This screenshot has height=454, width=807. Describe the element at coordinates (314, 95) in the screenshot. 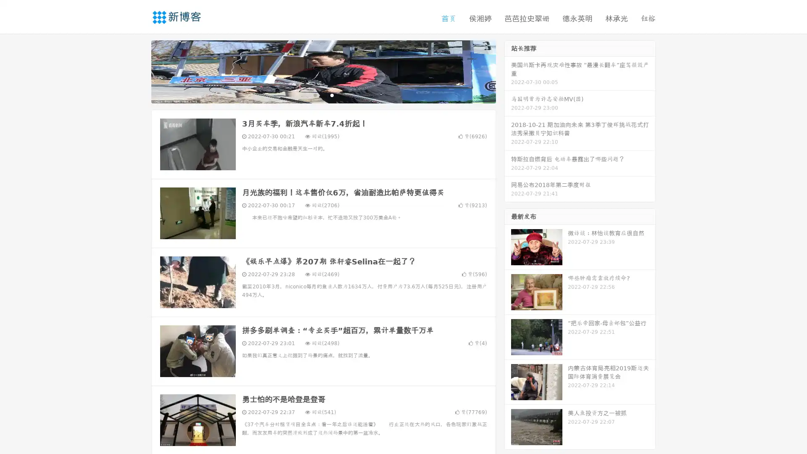

I see `Go to slide 1` at that location.